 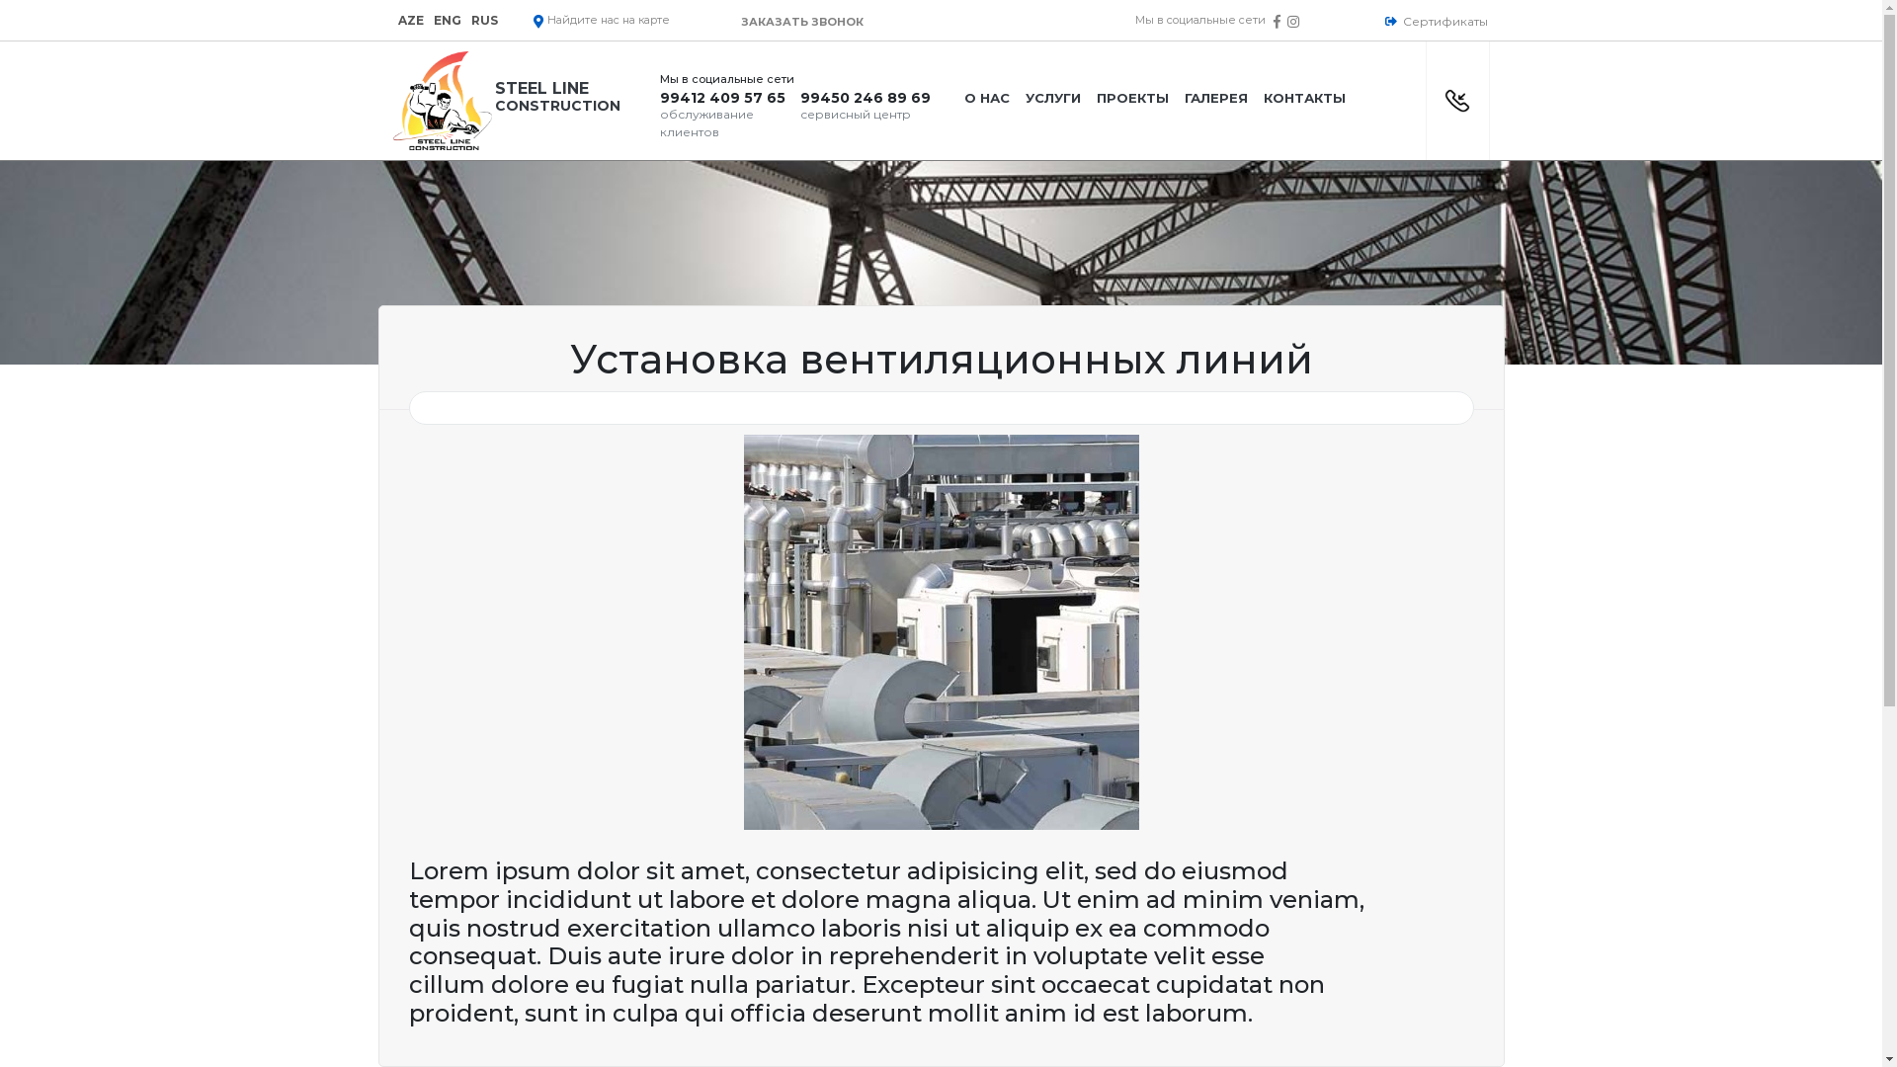 I want to click on 'AZE', so click(x=408, y=20).